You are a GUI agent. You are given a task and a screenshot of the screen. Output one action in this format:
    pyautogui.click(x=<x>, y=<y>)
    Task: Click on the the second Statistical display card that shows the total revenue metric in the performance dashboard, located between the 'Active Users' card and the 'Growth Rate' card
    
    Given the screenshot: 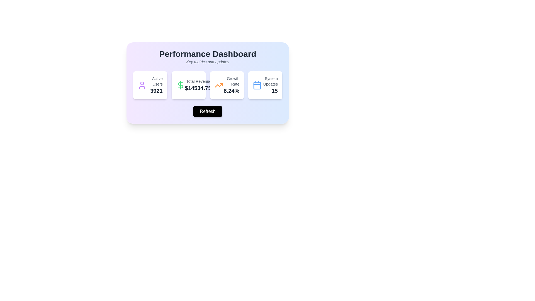 What is the action you would take?
    pyautogui.click(x=188, y=85)
    